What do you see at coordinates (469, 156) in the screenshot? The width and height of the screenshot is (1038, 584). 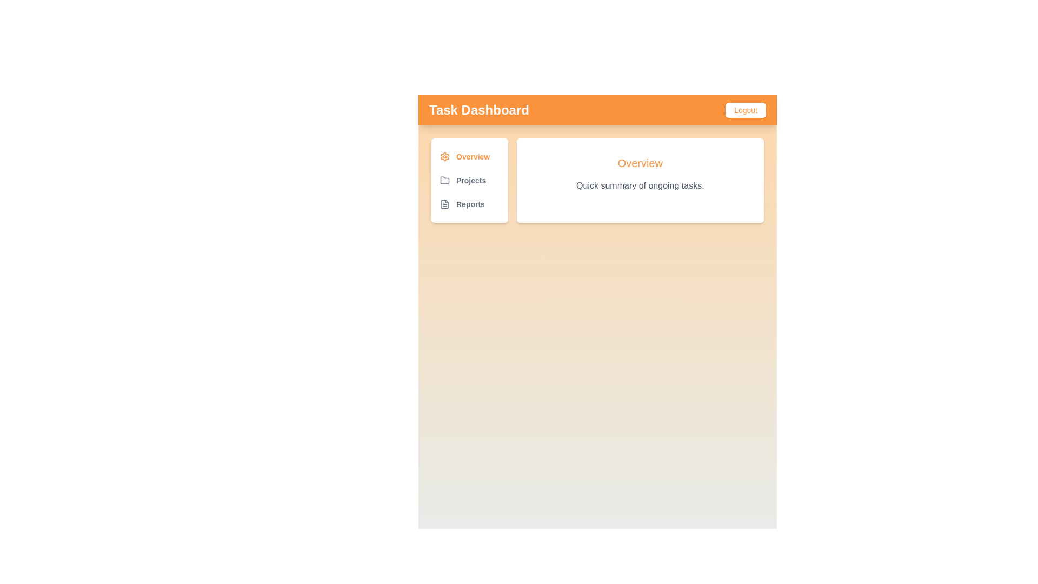 I see `the 'Overview' selectable menu item with an icon and text` at bounding box center [469, 156].